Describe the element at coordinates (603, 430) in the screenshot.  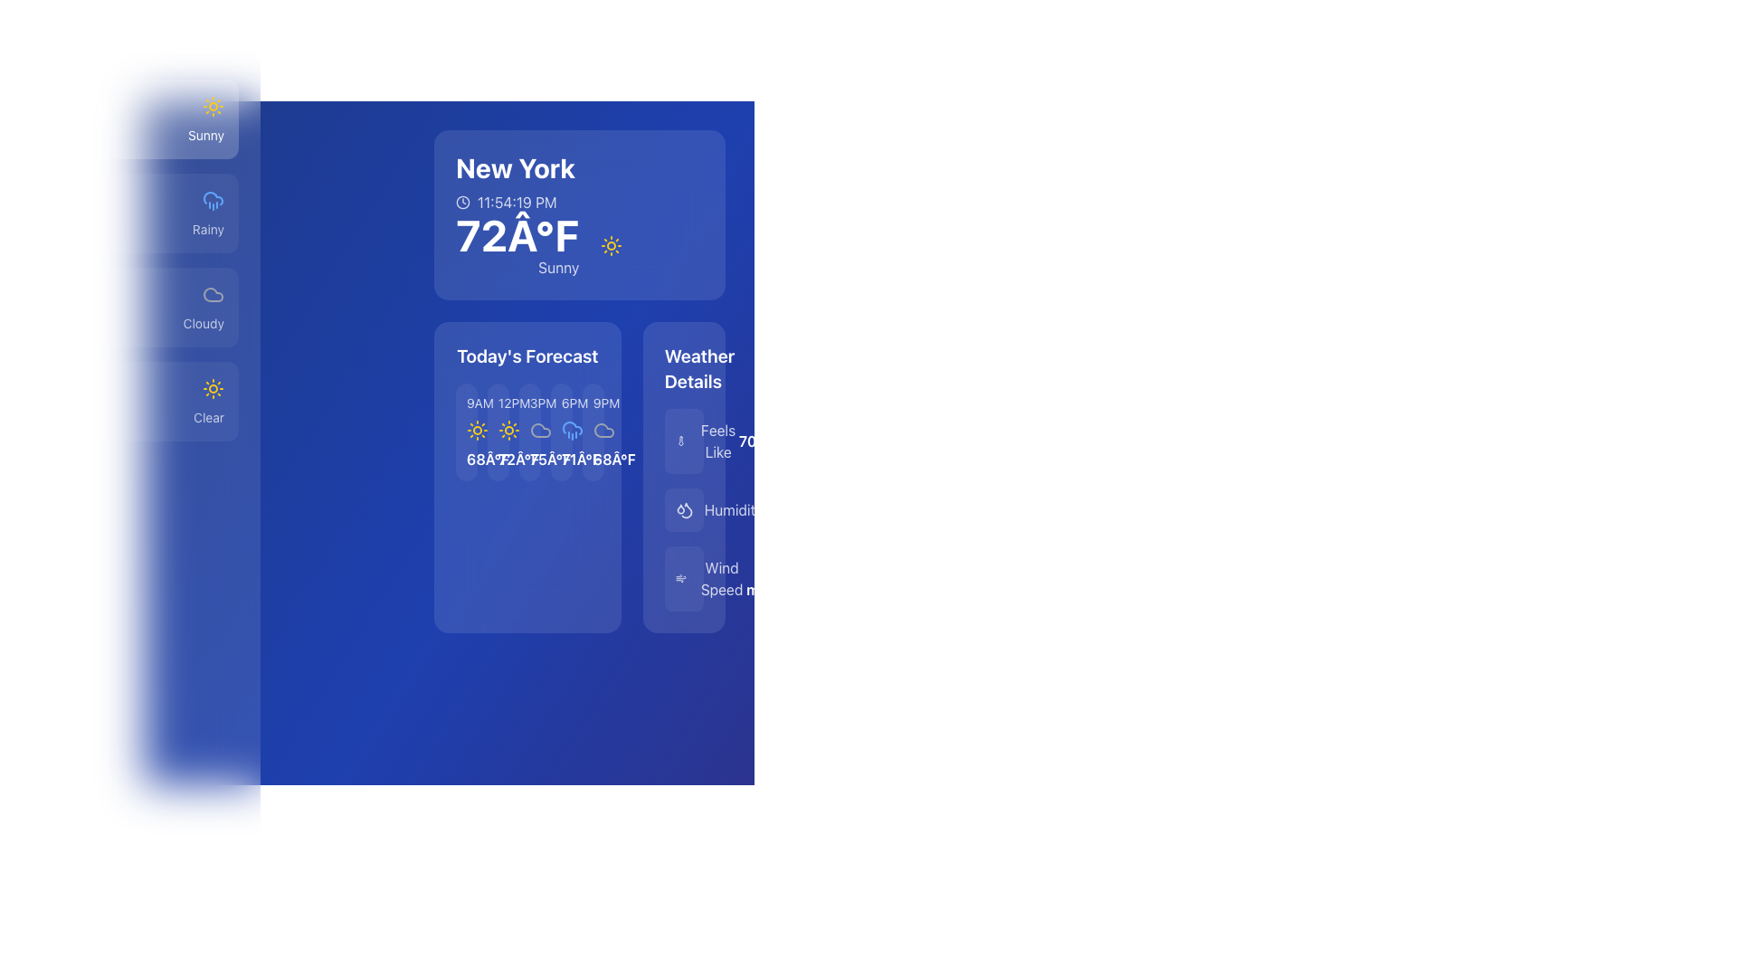
I see `the cloud icon, which is a minimalist line-art style icon with a light gray stroke, positioned in the 'Today's Forecast' section as the third icon among weather icons` at that location.